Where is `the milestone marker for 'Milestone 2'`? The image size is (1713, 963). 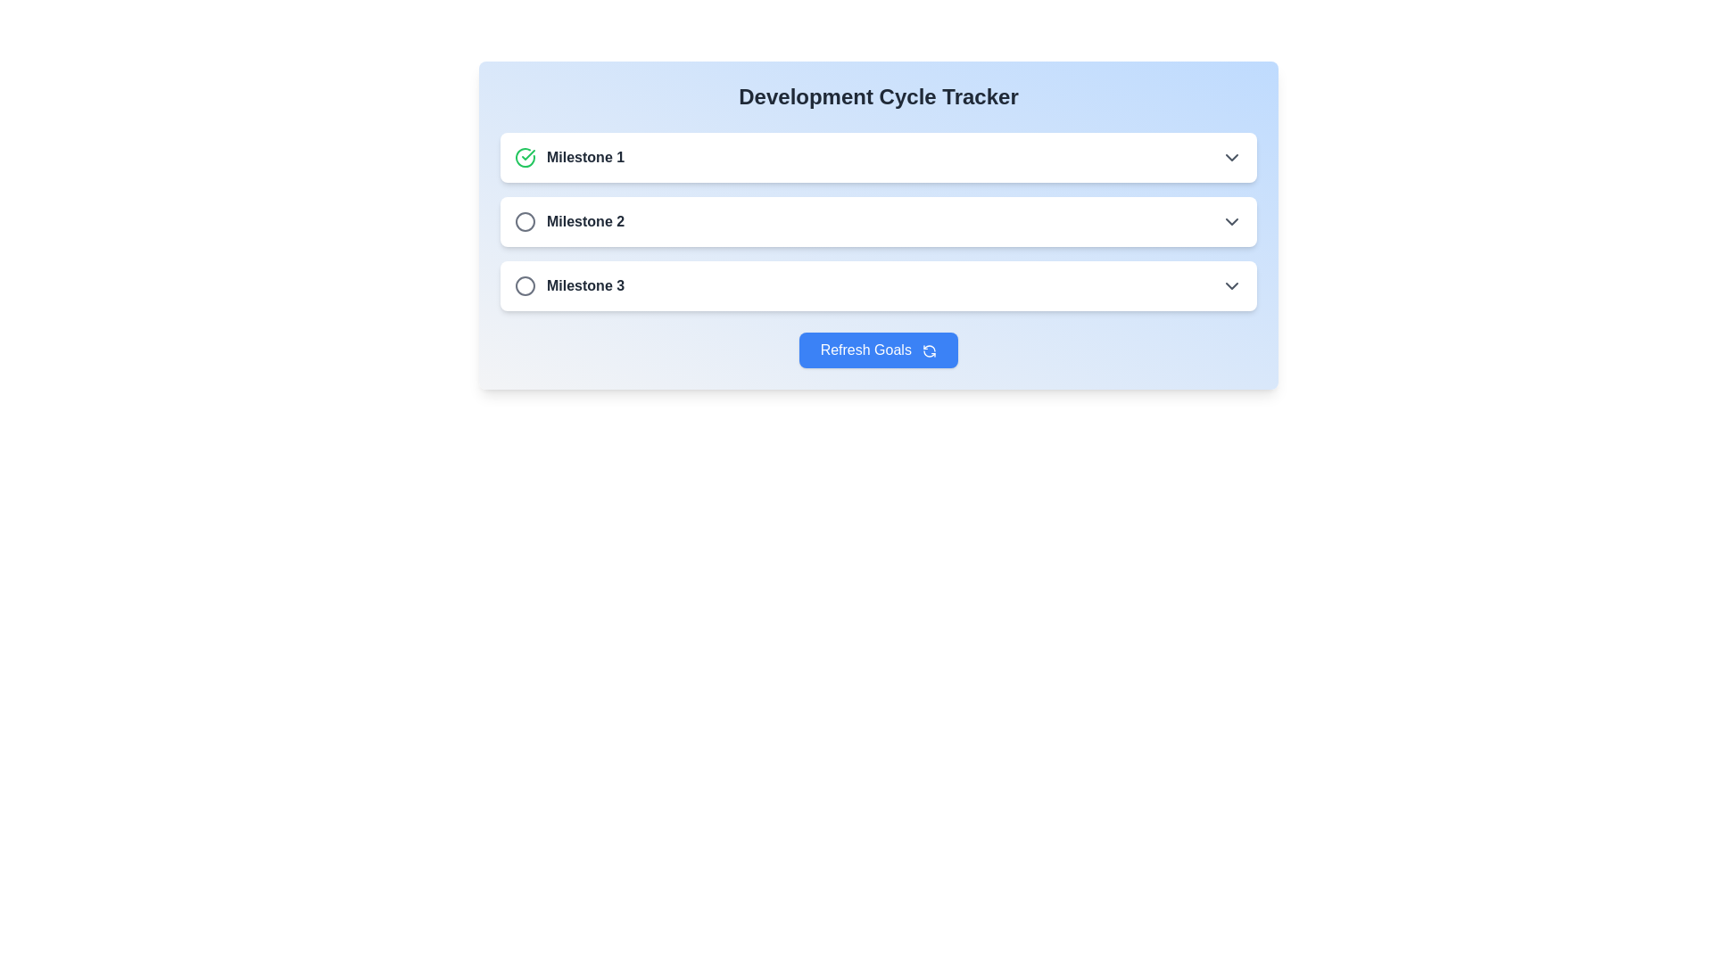 the milestone marker for 'Milestone 2' is located at coordinates (878, 221).